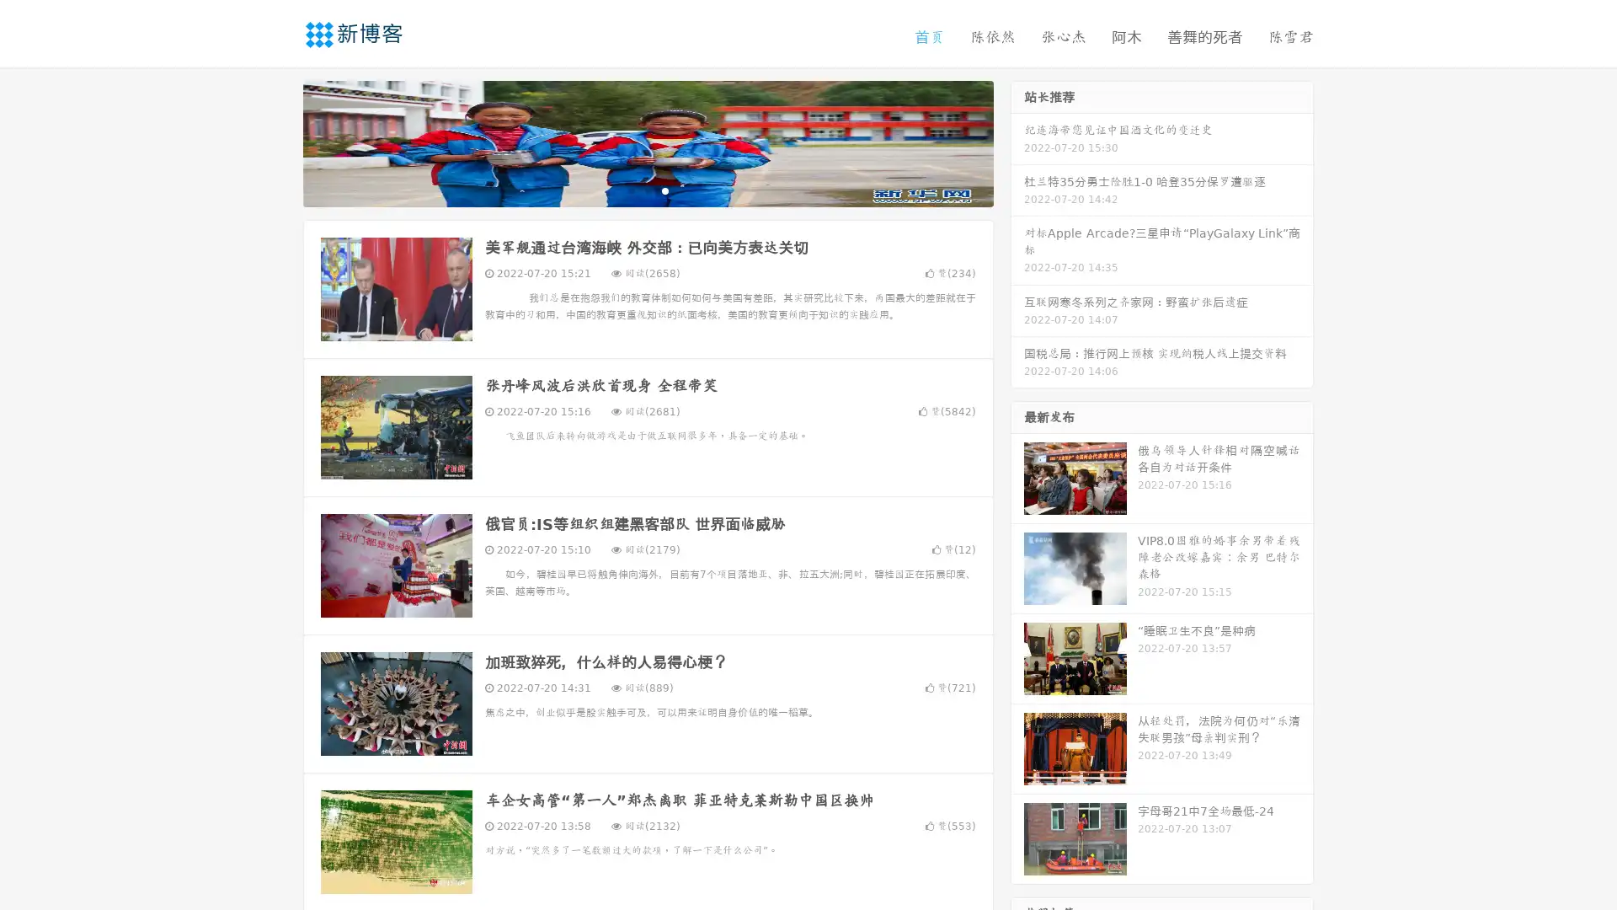 This screenshot has width=1617, height=910. I want to click on Next slide, so click(1017, 142).